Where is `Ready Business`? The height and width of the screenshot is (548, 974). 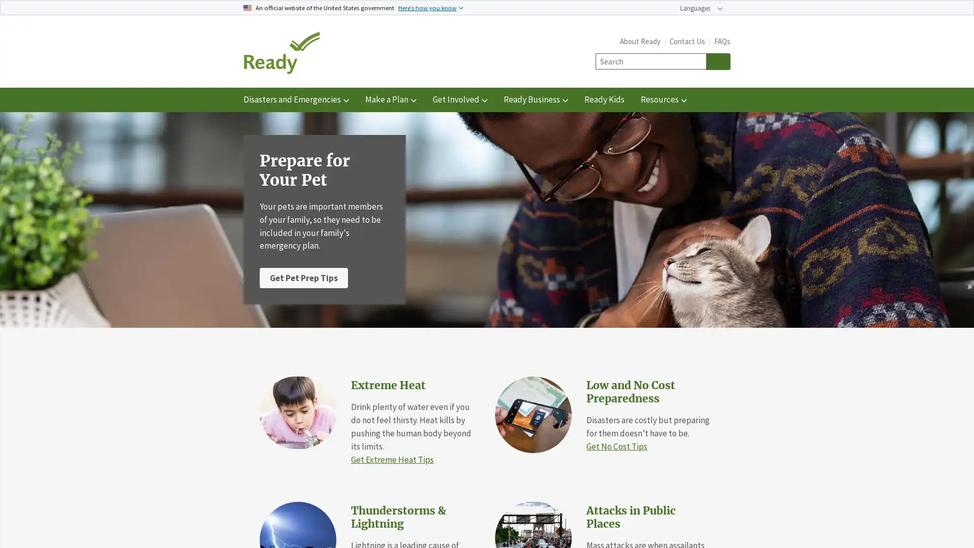 Ready Business is located at coordinates (535, 99).